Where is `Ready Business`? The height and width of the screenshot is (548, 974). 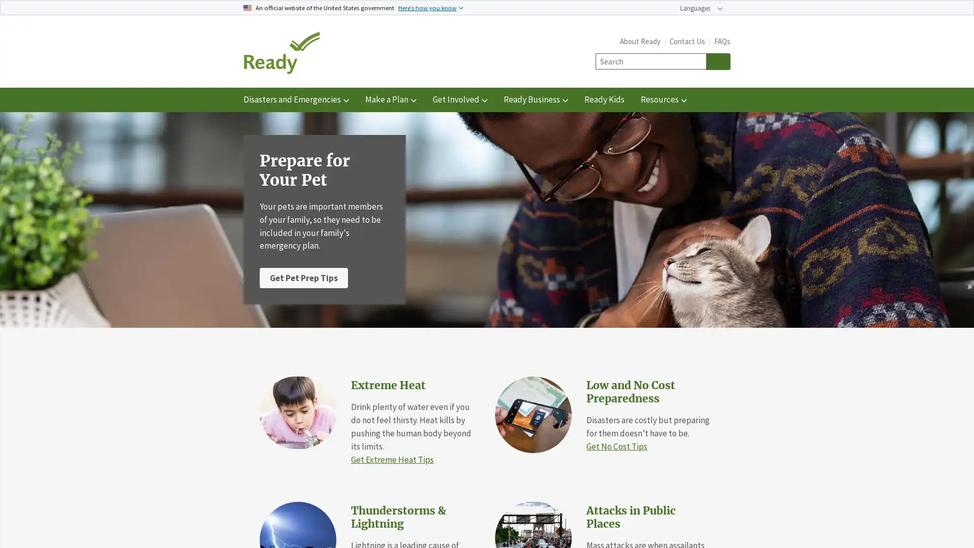 Ready Business is located at coordinates (535, 99).